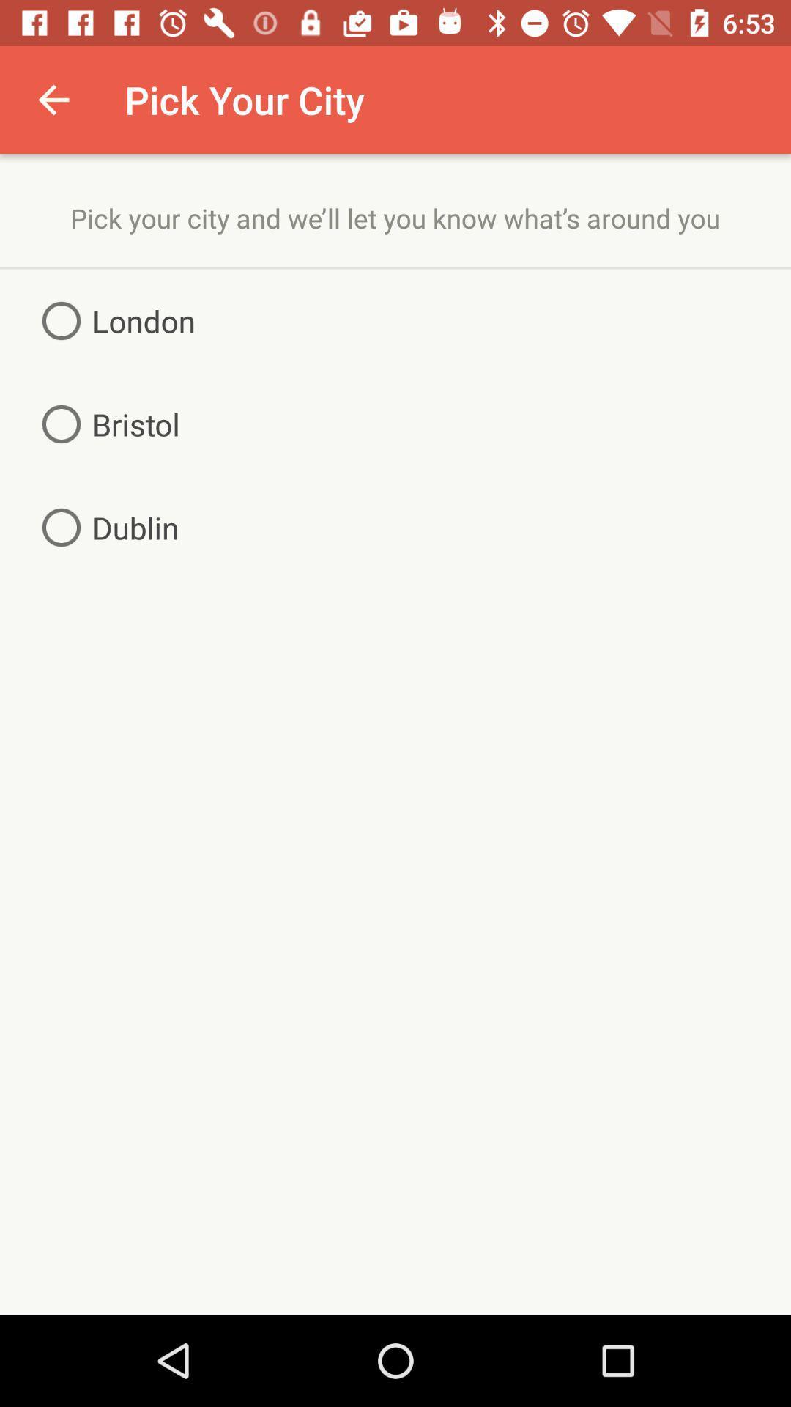 This screenshot has width=791, height=1407. I want to click on the icon to the left of  pick your city, so click(53, 99).